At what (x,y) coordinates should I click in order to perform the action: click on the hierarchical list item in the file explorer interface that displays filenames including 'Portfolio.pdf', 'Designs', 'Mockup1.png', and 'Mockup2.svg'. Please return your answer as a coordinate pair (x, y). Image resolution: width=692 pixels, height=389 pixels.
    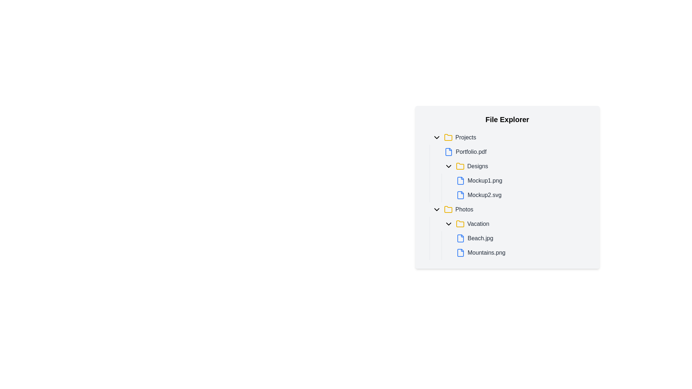
    Looking at the image, I should click on (510, 174).